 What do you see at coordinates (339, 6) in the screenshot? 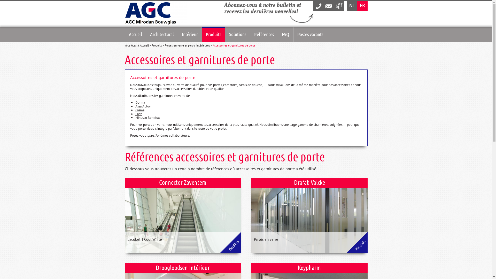
I see `' '` at bounding box center [339, 6].